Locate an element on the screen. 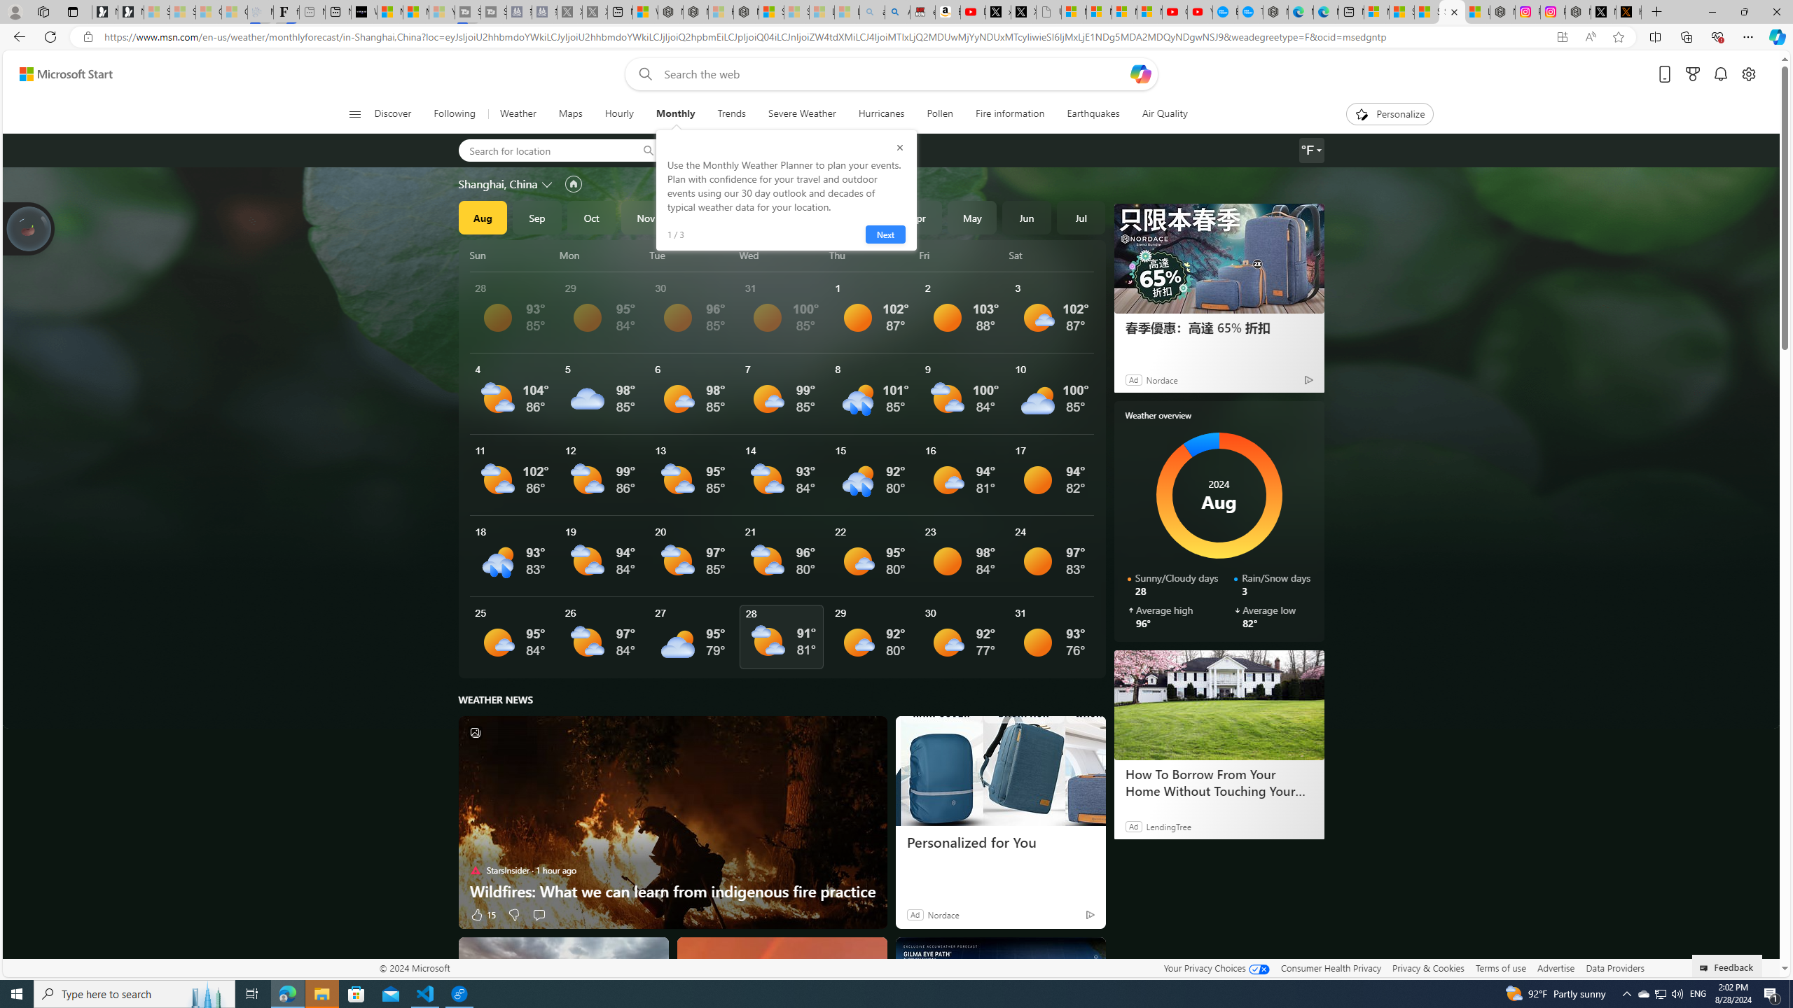 The width and height of the screenshot is (1793, 1008). 'Nov' is located at coordinates (645, 217).